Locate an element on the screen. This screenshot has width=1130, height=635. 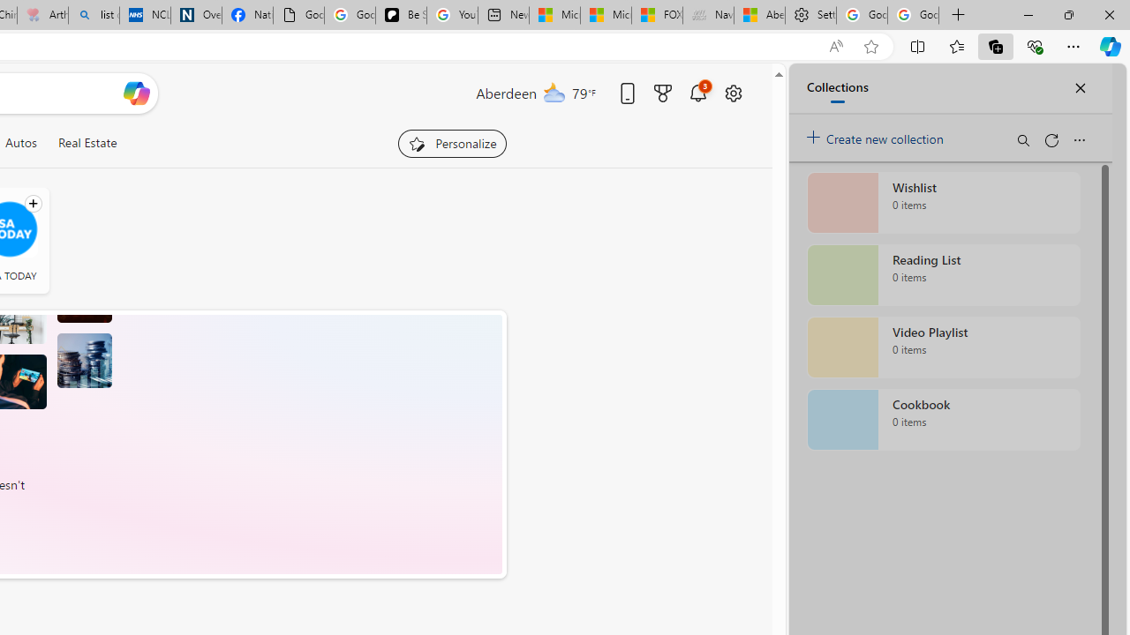
'Aberdeen, Hong Kong SAR hourly forecast | Microsoft Weather' is located at coordinates (759, 15).